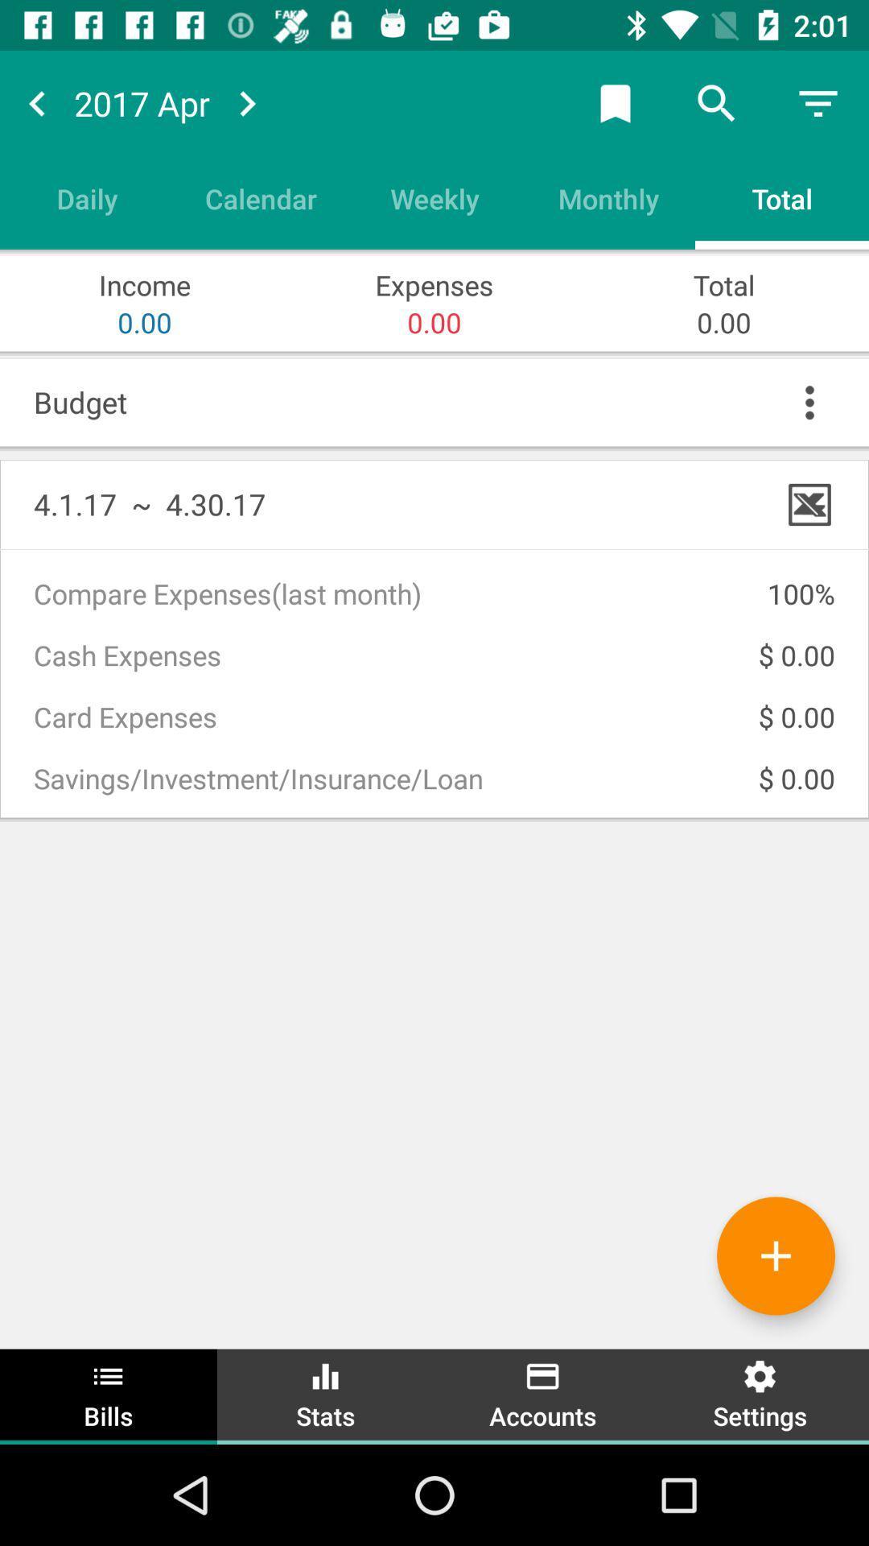  Describe the element at coordinates (260, 197) in the screenshot. I see `the icon to the right of daily icon` at that location.